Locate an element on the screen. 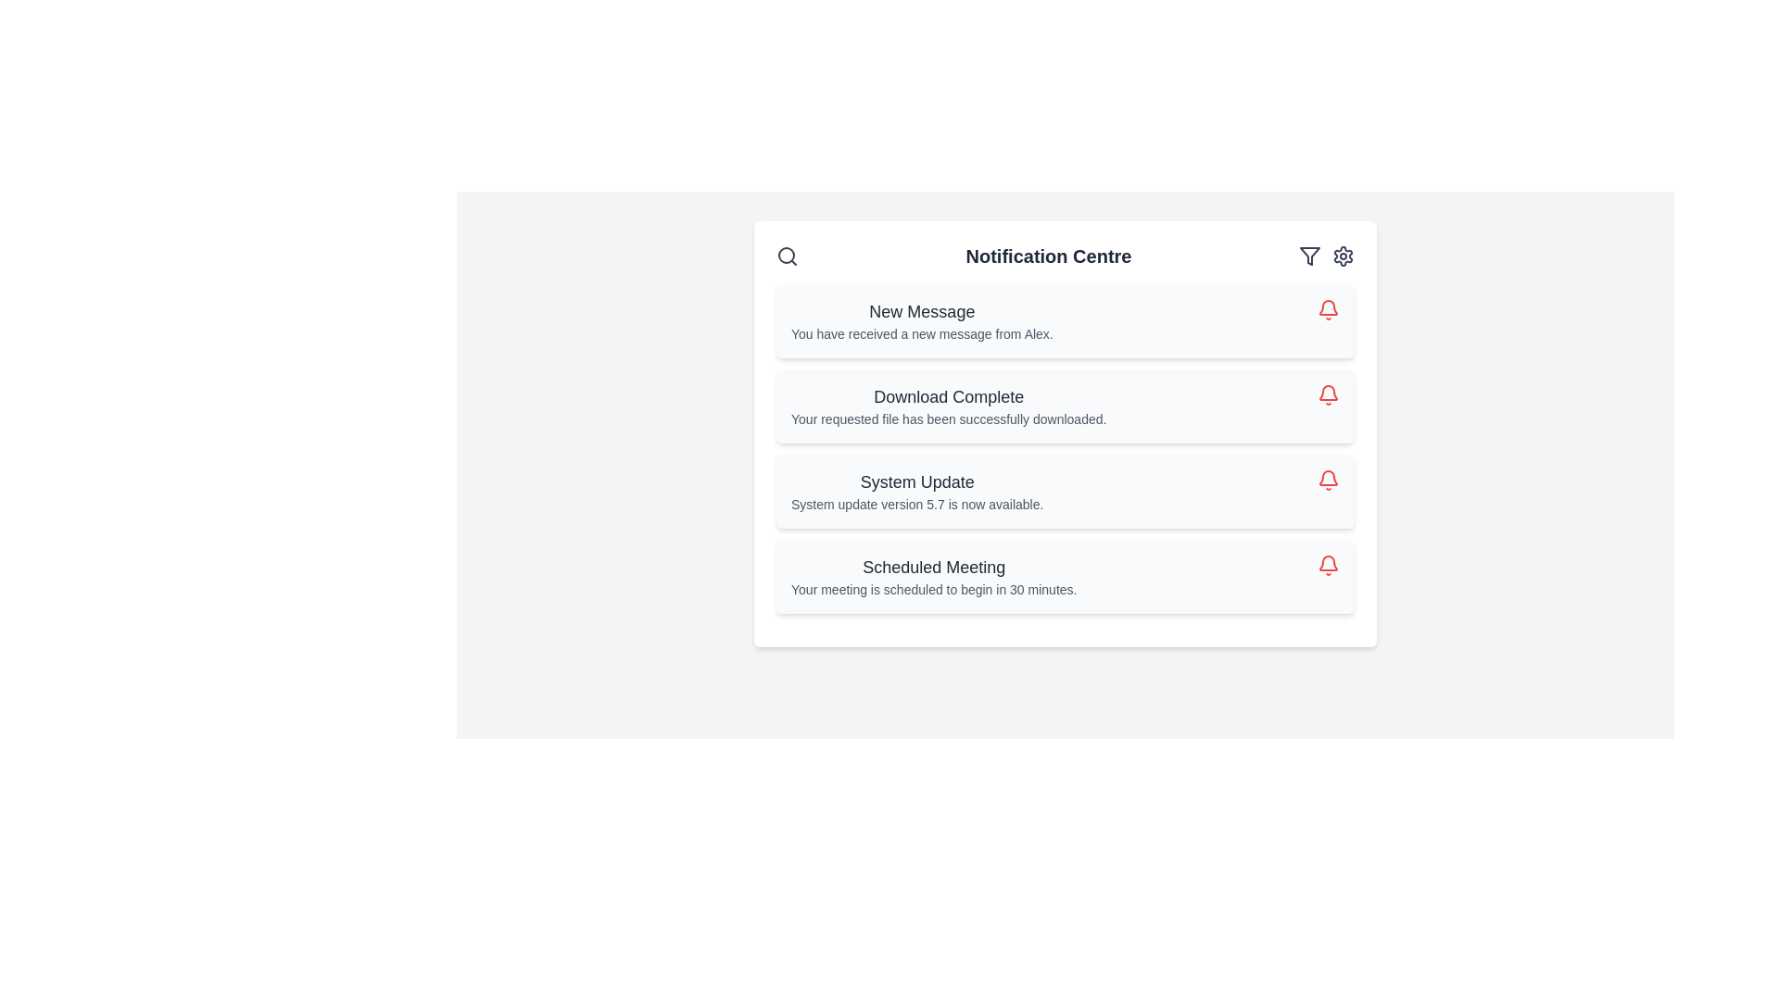 The width and height of the screenshot is (1779, 1000). the search icon button located in the top-left corner of the Notification Centre header is located at coordinates (787, 256).